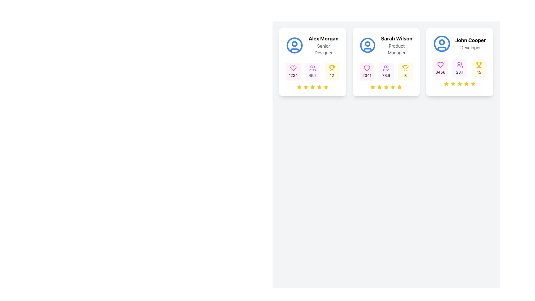  I want to click on the third yellow star-shaped icon in a row of five icons located beneath the 'John Cooper' user card, so click(453, 84).